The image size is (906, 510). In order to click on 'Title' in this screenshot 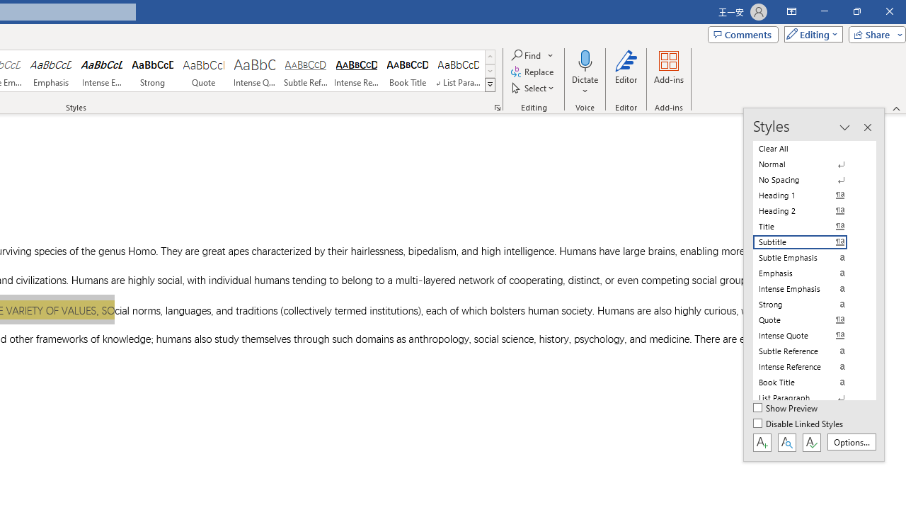, I will do `click(808, 226)`.